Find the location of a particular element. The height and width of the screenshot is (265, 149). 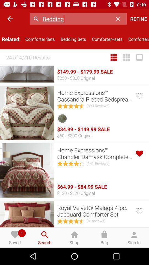

the item next to 24 of 4 item is located at coordinates (113, 57).